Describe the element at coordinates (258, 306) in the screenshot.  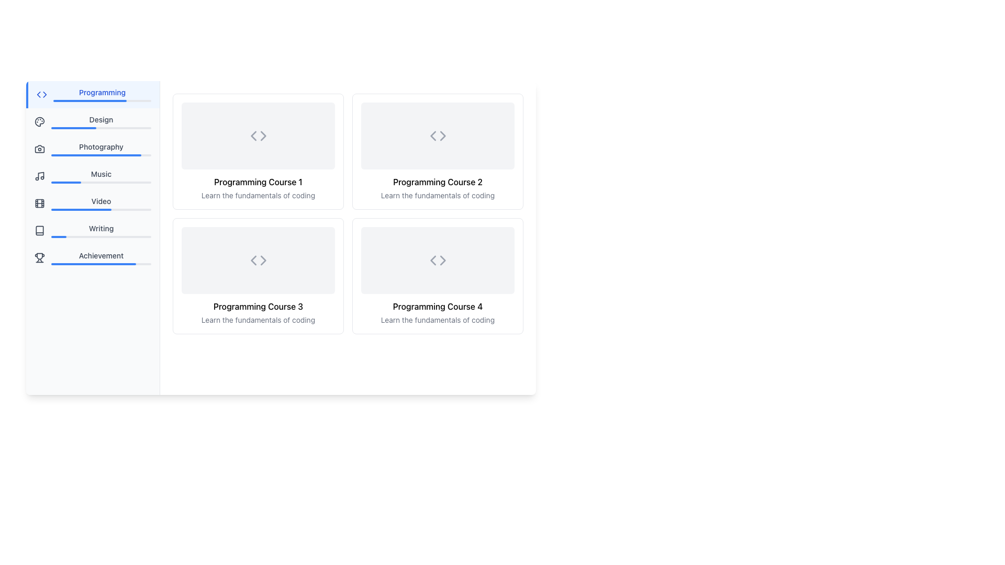
I see `the text label 'Programming Course 3' located in the lower section of the card in the second row and first column of the grid layout` at that location.